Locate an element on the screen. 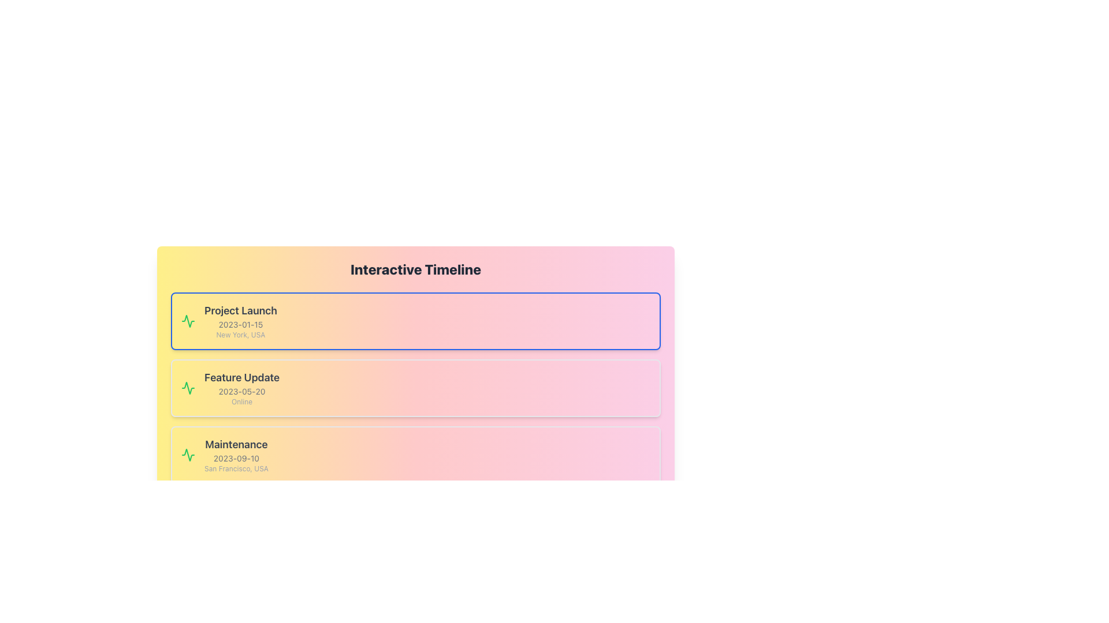  the text label 'San Francisco, USA' located below the date '2023-09-10' is located at coordinates (236, 469).